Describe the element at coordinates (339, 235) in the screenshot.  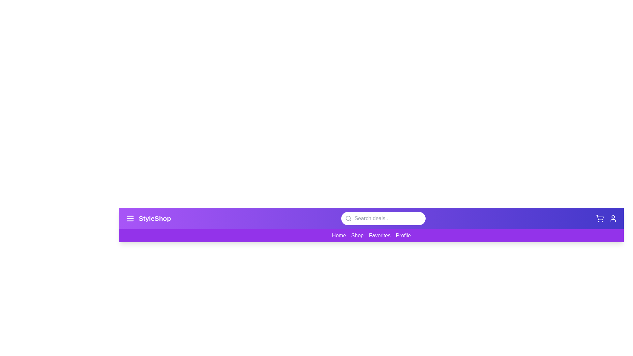
I see `the 'Home' link in the navigation bar to navigate to the homepage` at that location.